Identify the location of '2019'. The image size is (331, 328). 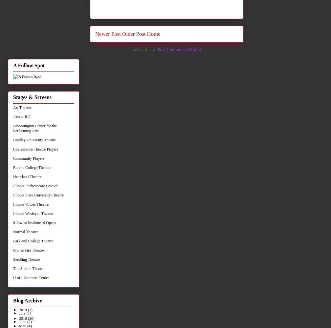
(23, 309).